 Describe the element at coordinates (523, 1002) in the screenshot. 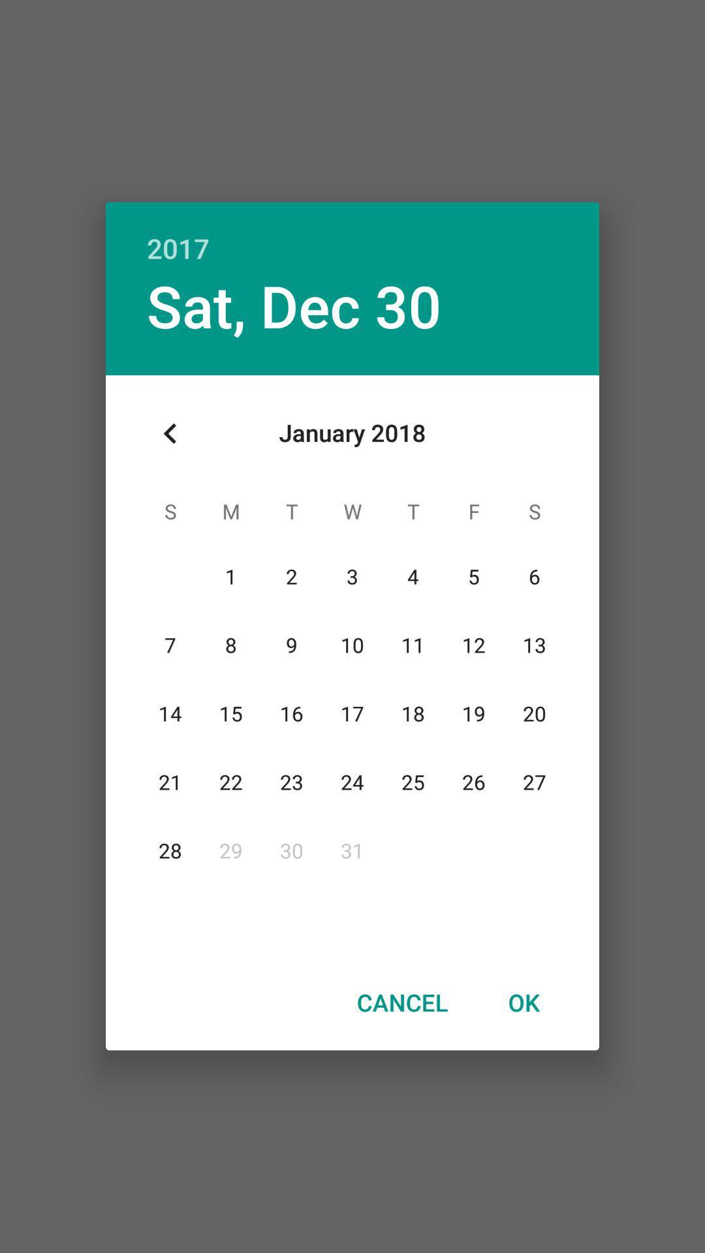

I see `icon next to the cancel` at that location.